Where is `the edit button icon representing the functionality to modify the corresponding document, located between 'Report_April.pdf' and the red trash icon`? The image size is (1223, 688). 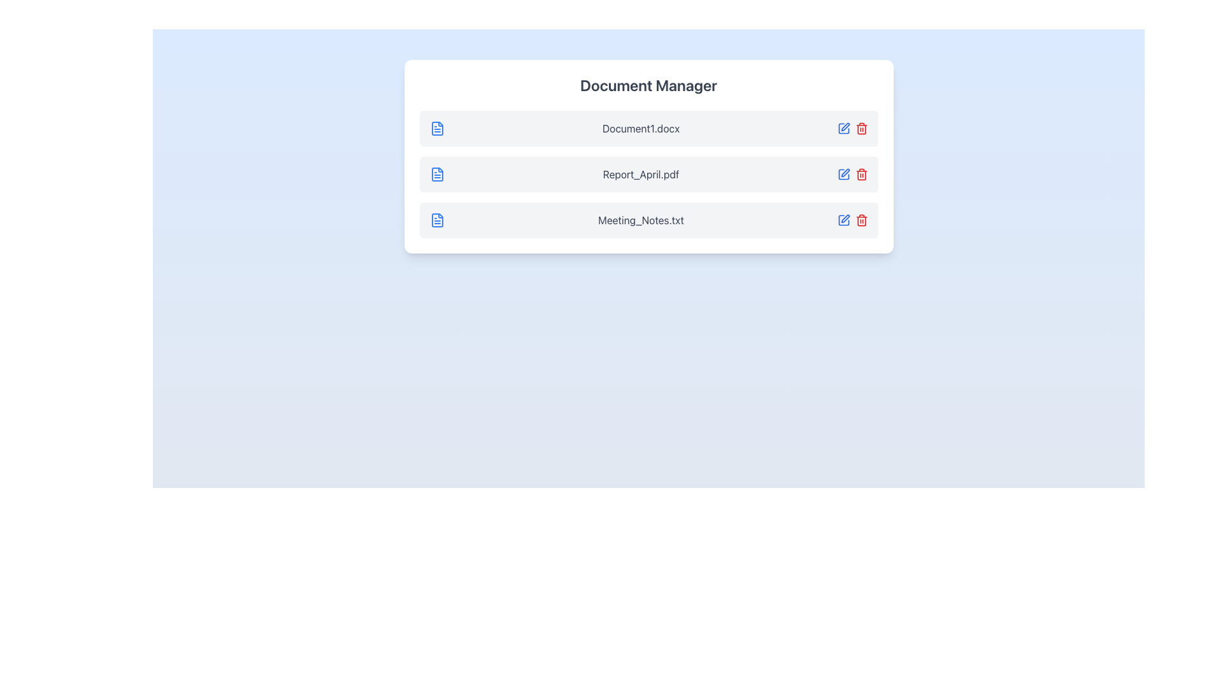
the edit button icon representing the functionality to modify the corresponding document, located between 'Report_April.pdf' and the red trash icon is located at coordinates (843, 174).